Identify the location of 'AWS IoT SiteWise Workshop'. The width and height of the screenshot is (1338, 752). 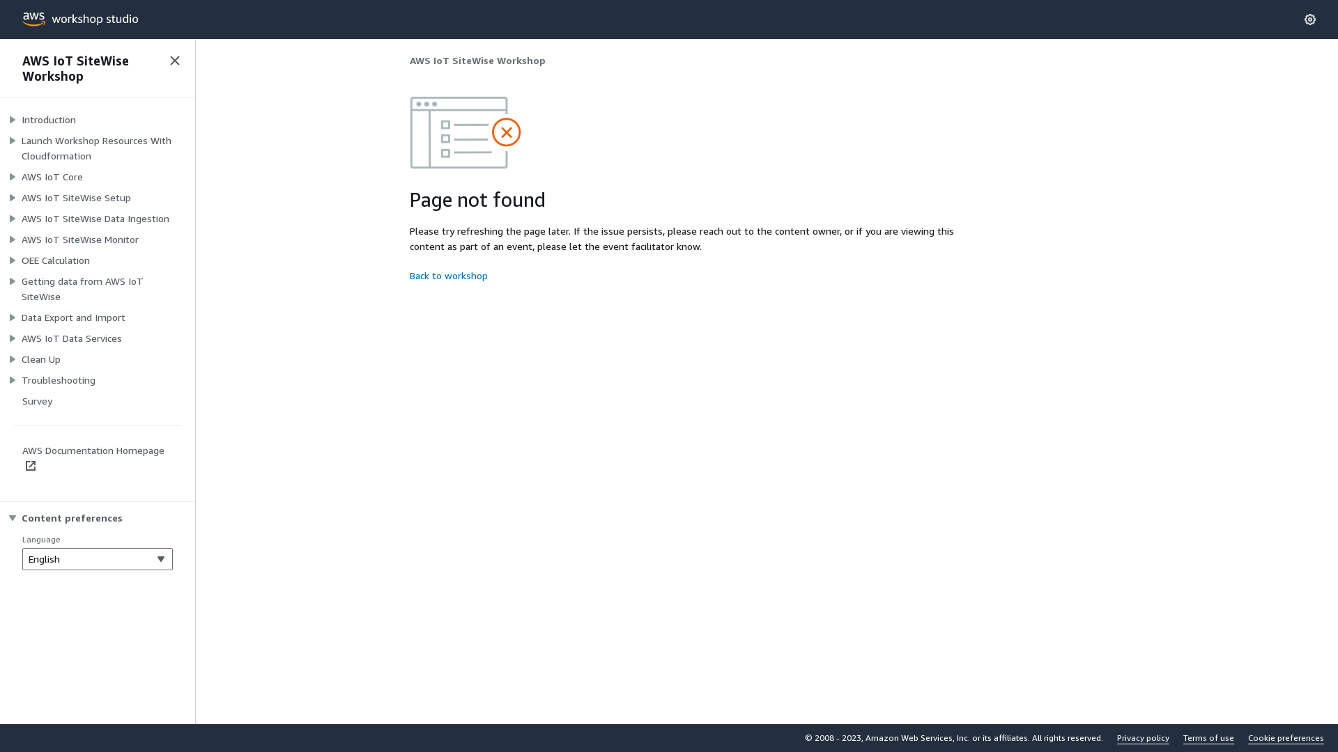
(89, 68).